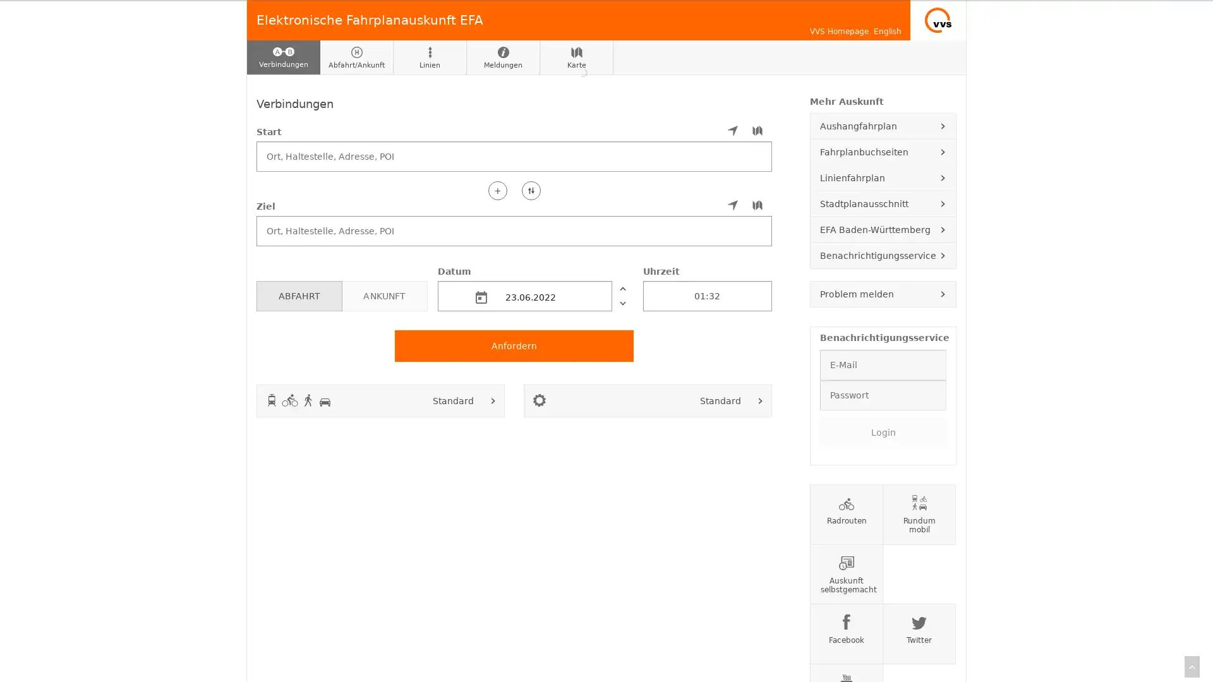 The image size is (1213, 682). What do you see at coordinates (760, 400) in the screenshot?
I see `Fahroptionen` at bounding box center [760, 400].